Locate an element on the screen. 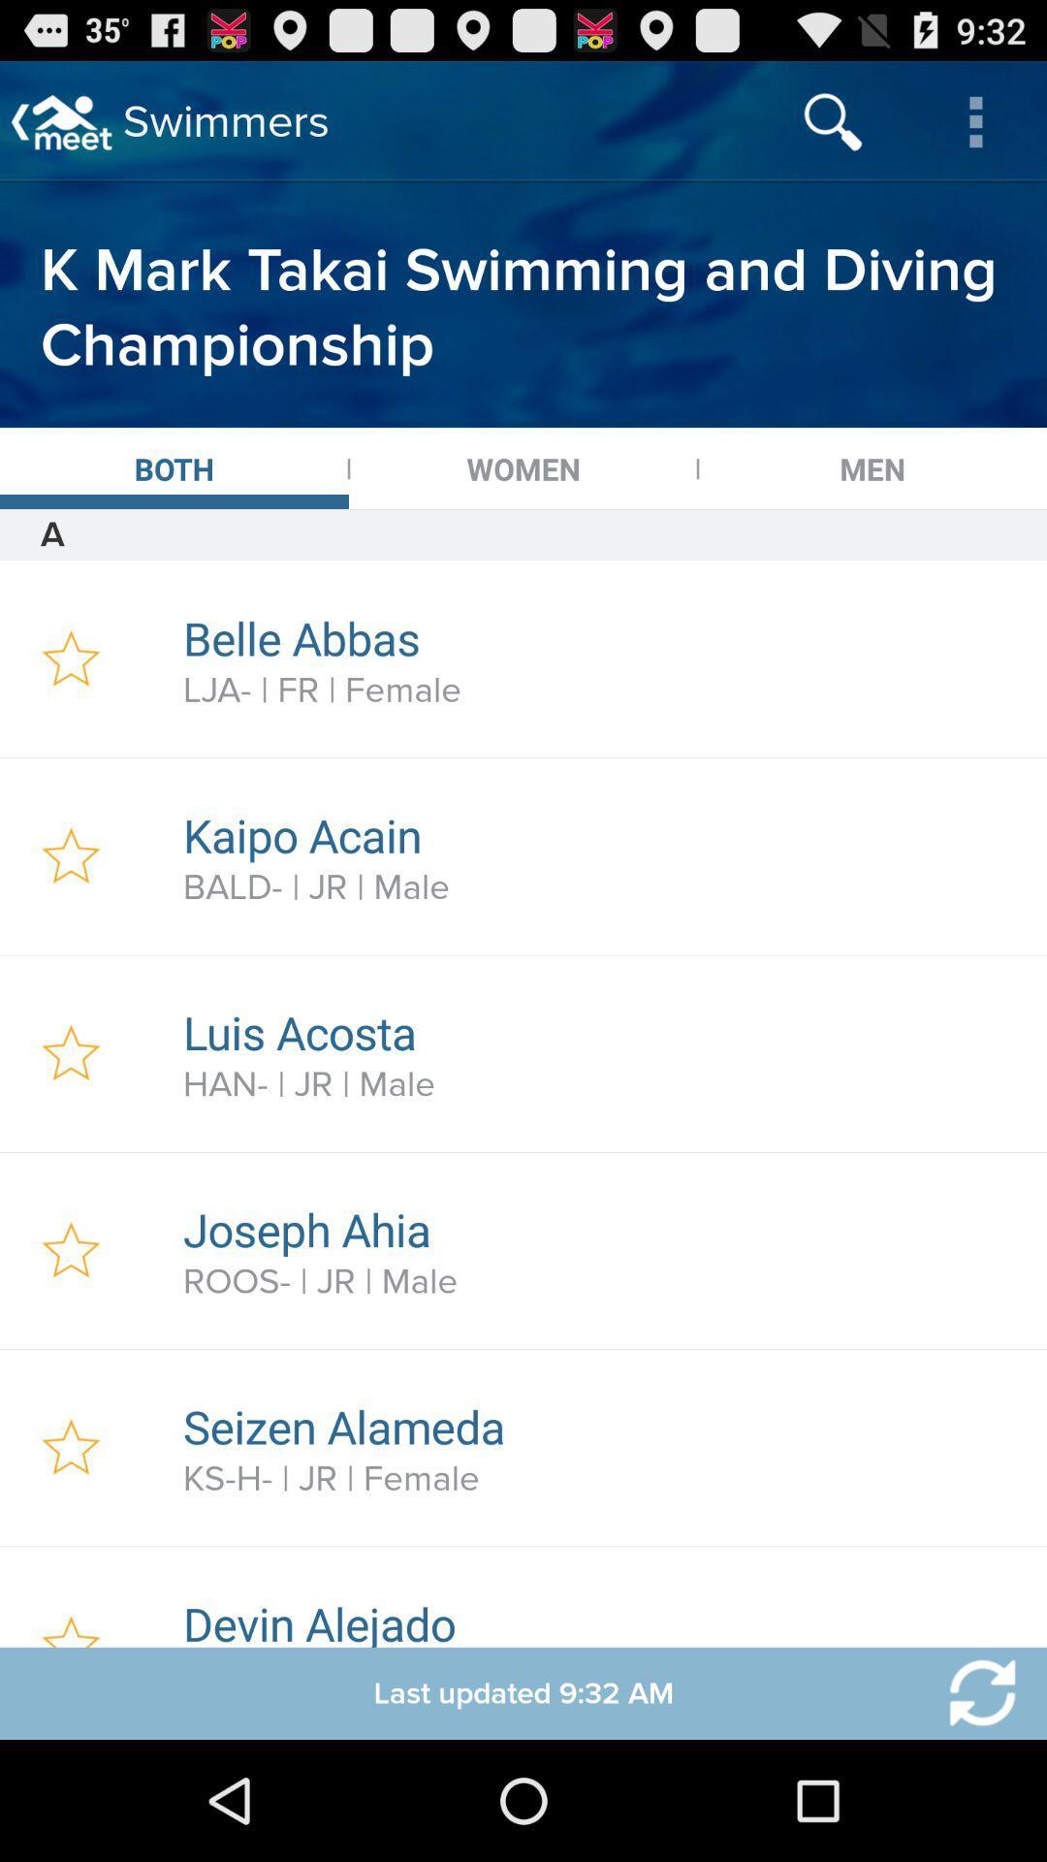  the refresh icon is located at coordinates (970, 1812).